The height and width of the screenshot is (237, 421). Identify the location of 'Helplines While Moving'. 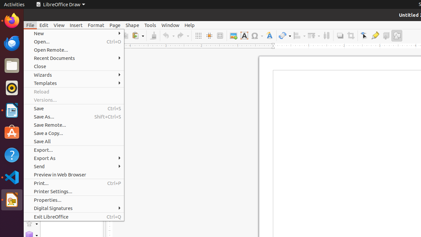
(209, 36).